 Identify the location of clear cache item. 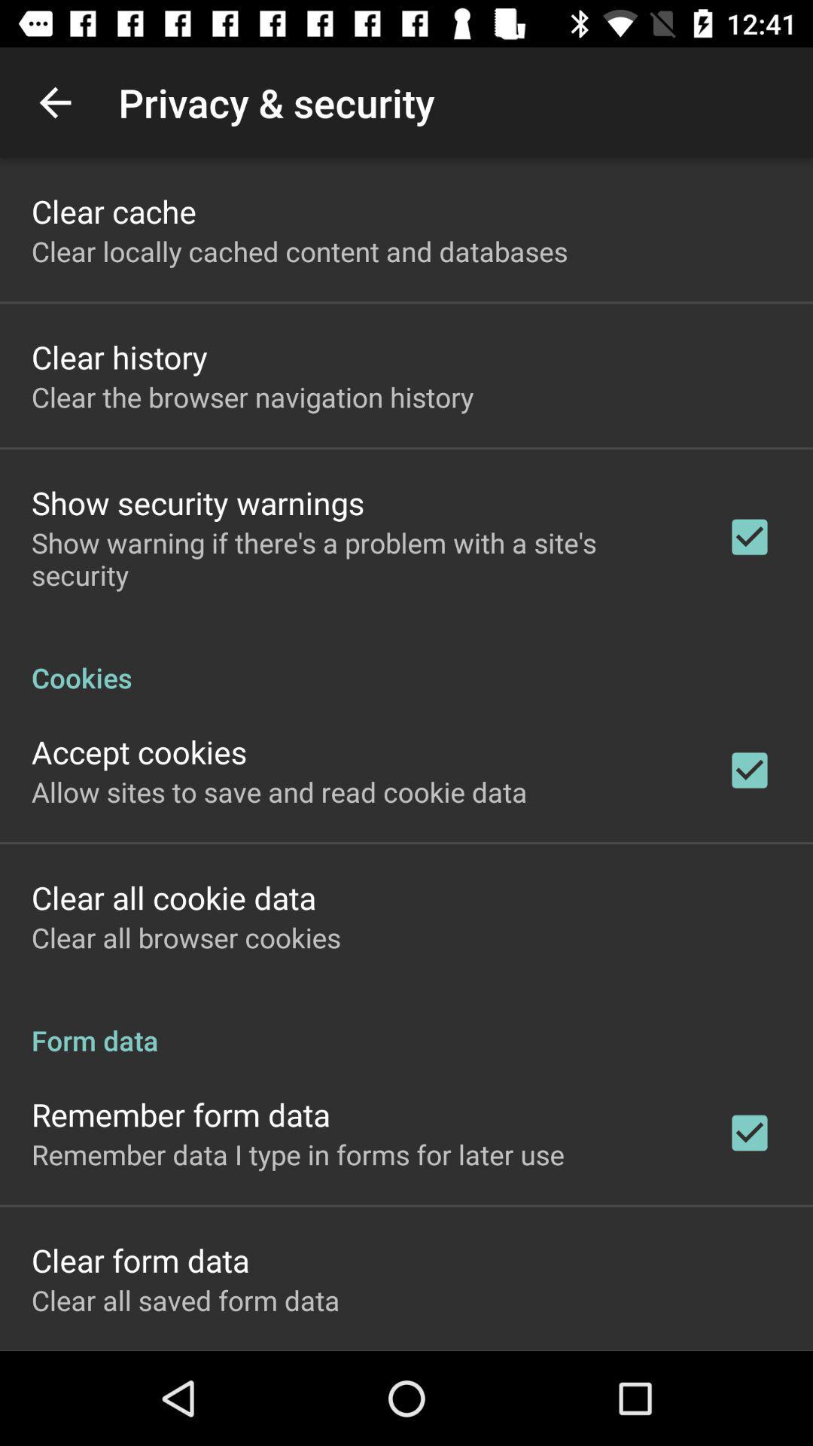
(113, 210).